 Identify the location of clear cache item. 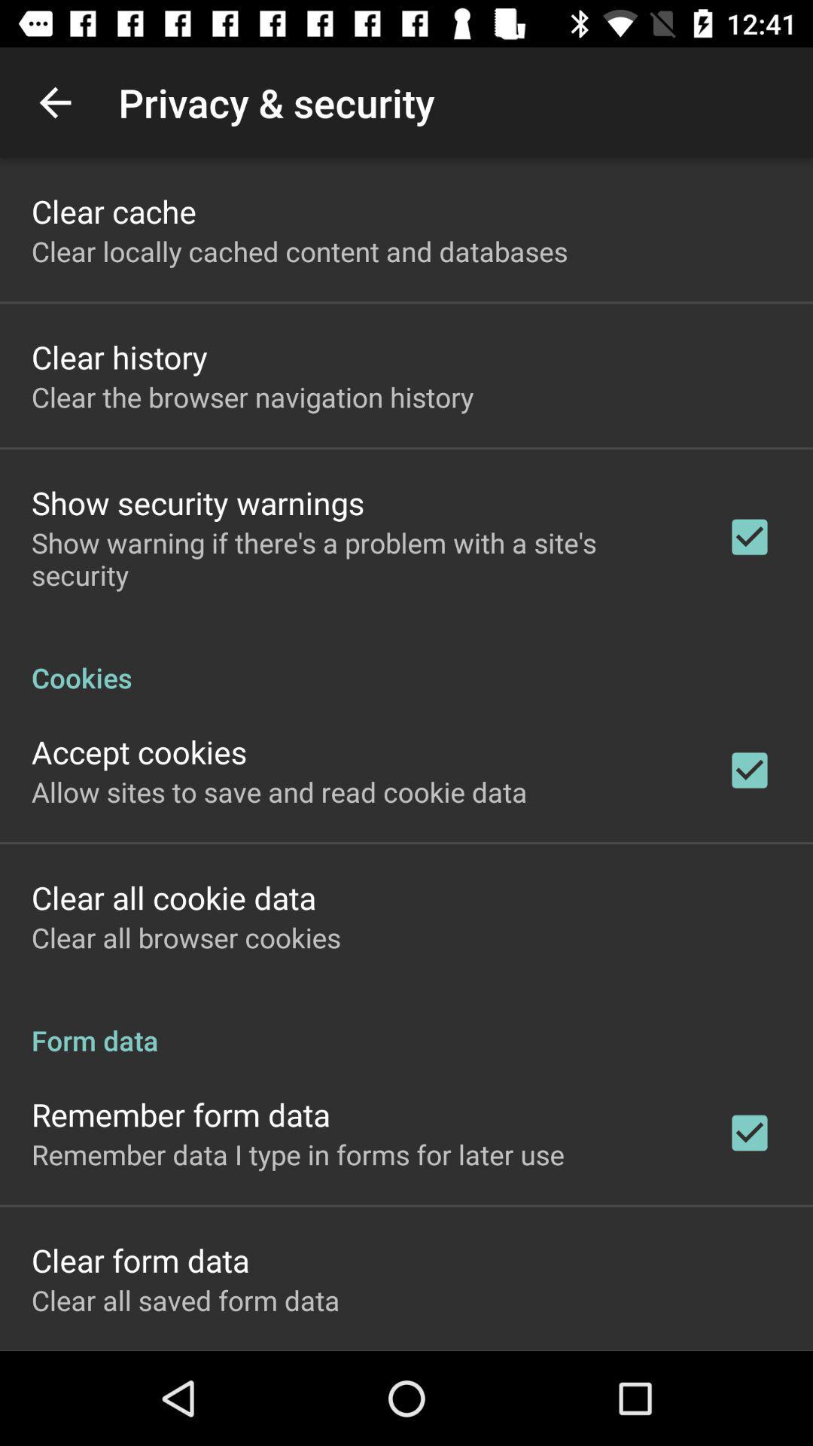
(113, 210).